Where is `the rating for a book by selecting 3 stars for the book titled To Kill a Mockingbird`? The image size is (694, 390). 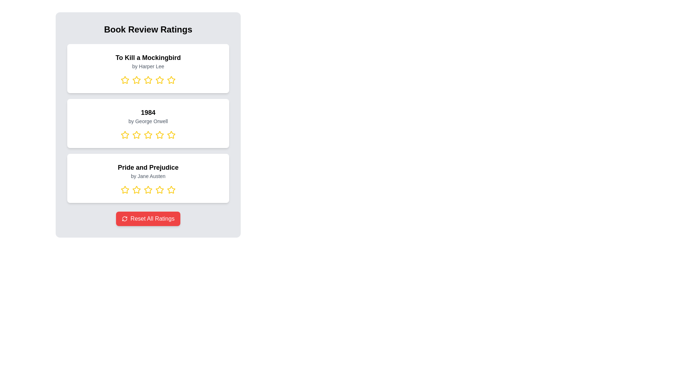 the rating for a book by selecting 3 stars for the book titled To Kill a Mockingbird is located at coordinates (147, 80).